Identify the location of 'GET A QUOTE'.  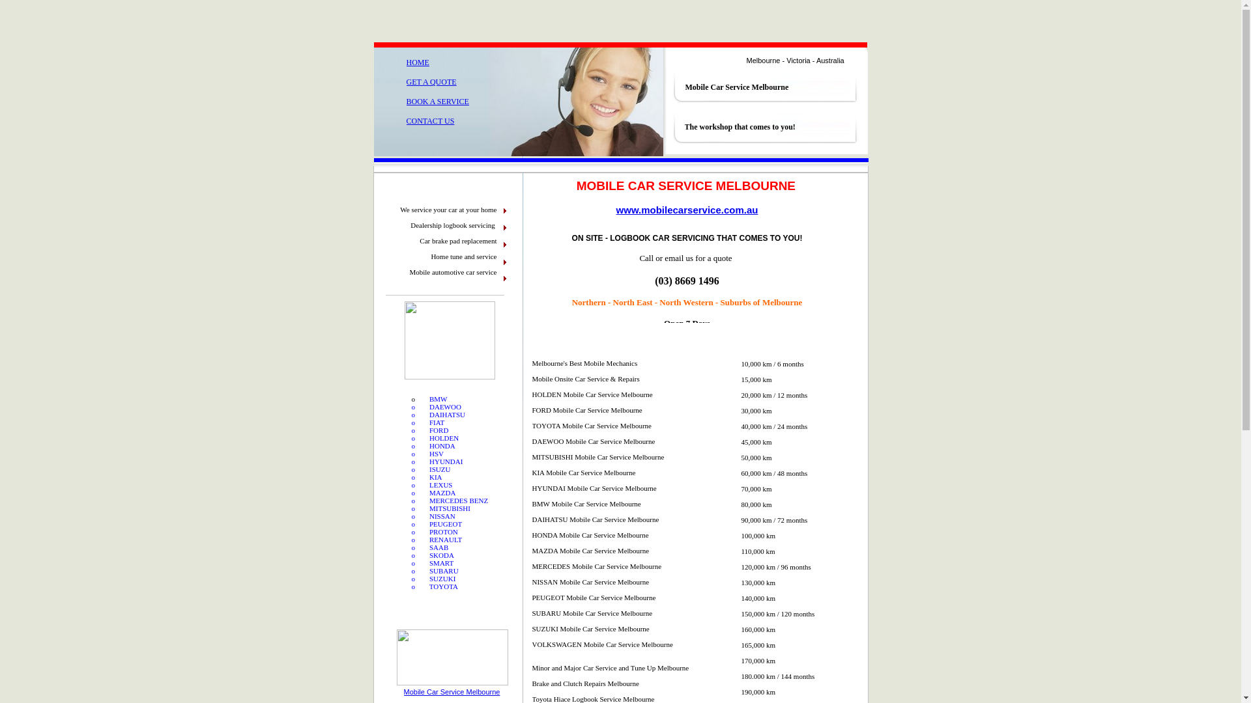
(406, 82).